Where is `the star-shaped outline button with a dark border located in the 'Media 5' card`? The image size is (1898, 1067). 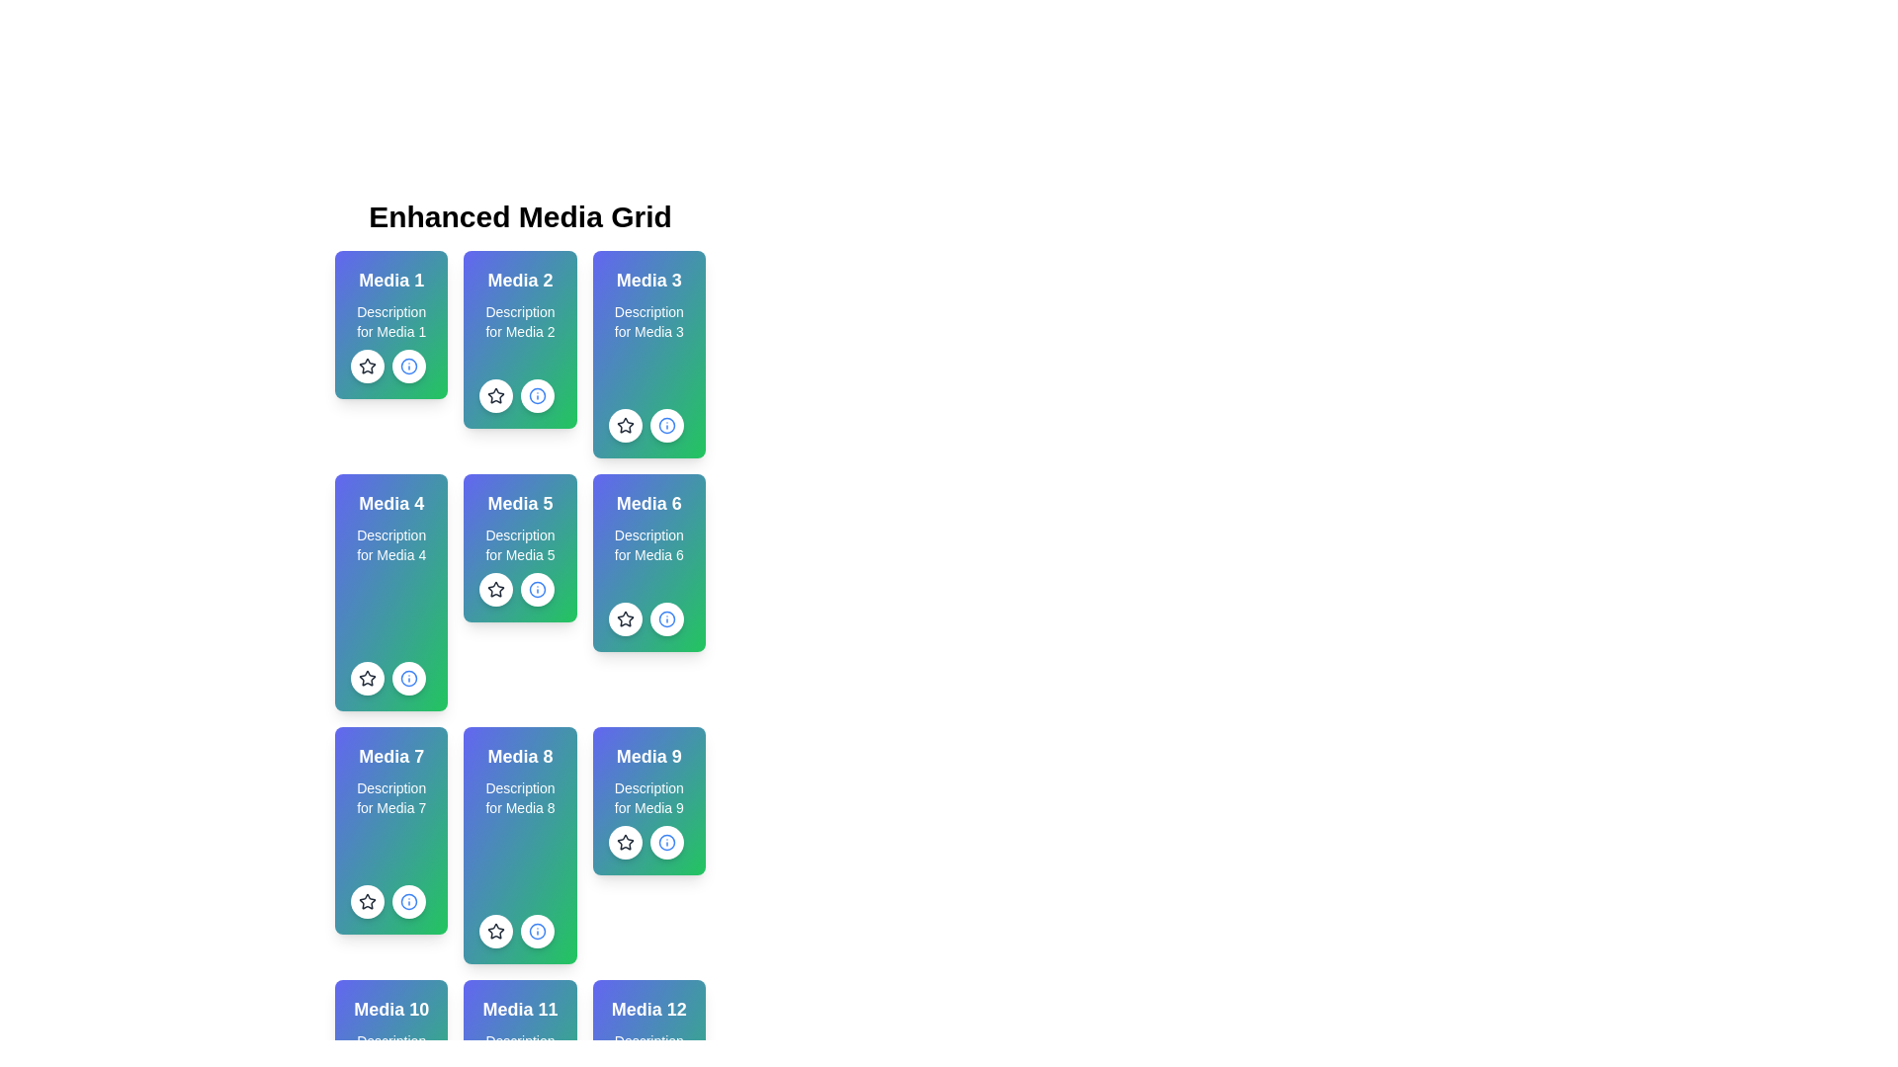
the star-shaped outline button with a dark border located in the 'Media 5' card is located at coordinates (496, 588).